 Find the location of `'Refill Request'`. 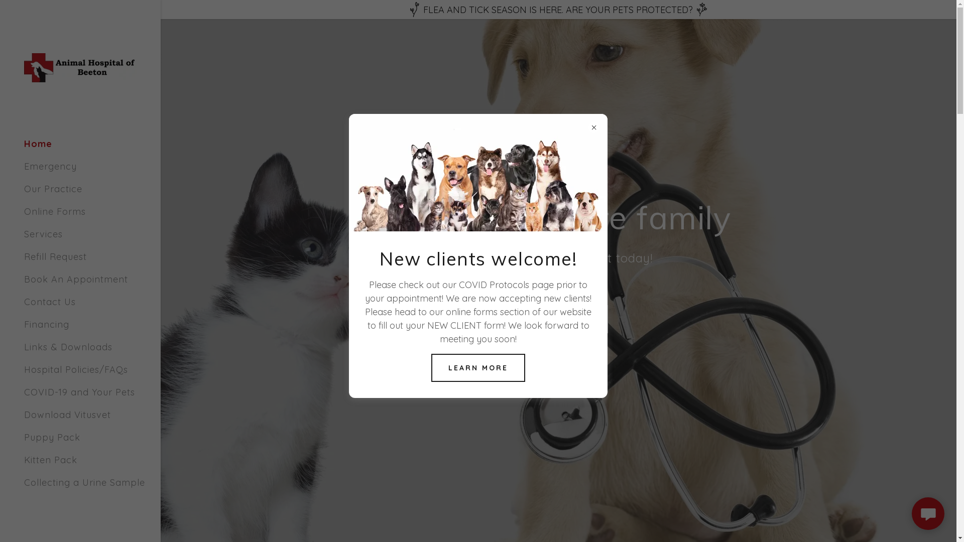

'Refill Request' is located at coordinates (55, 256).